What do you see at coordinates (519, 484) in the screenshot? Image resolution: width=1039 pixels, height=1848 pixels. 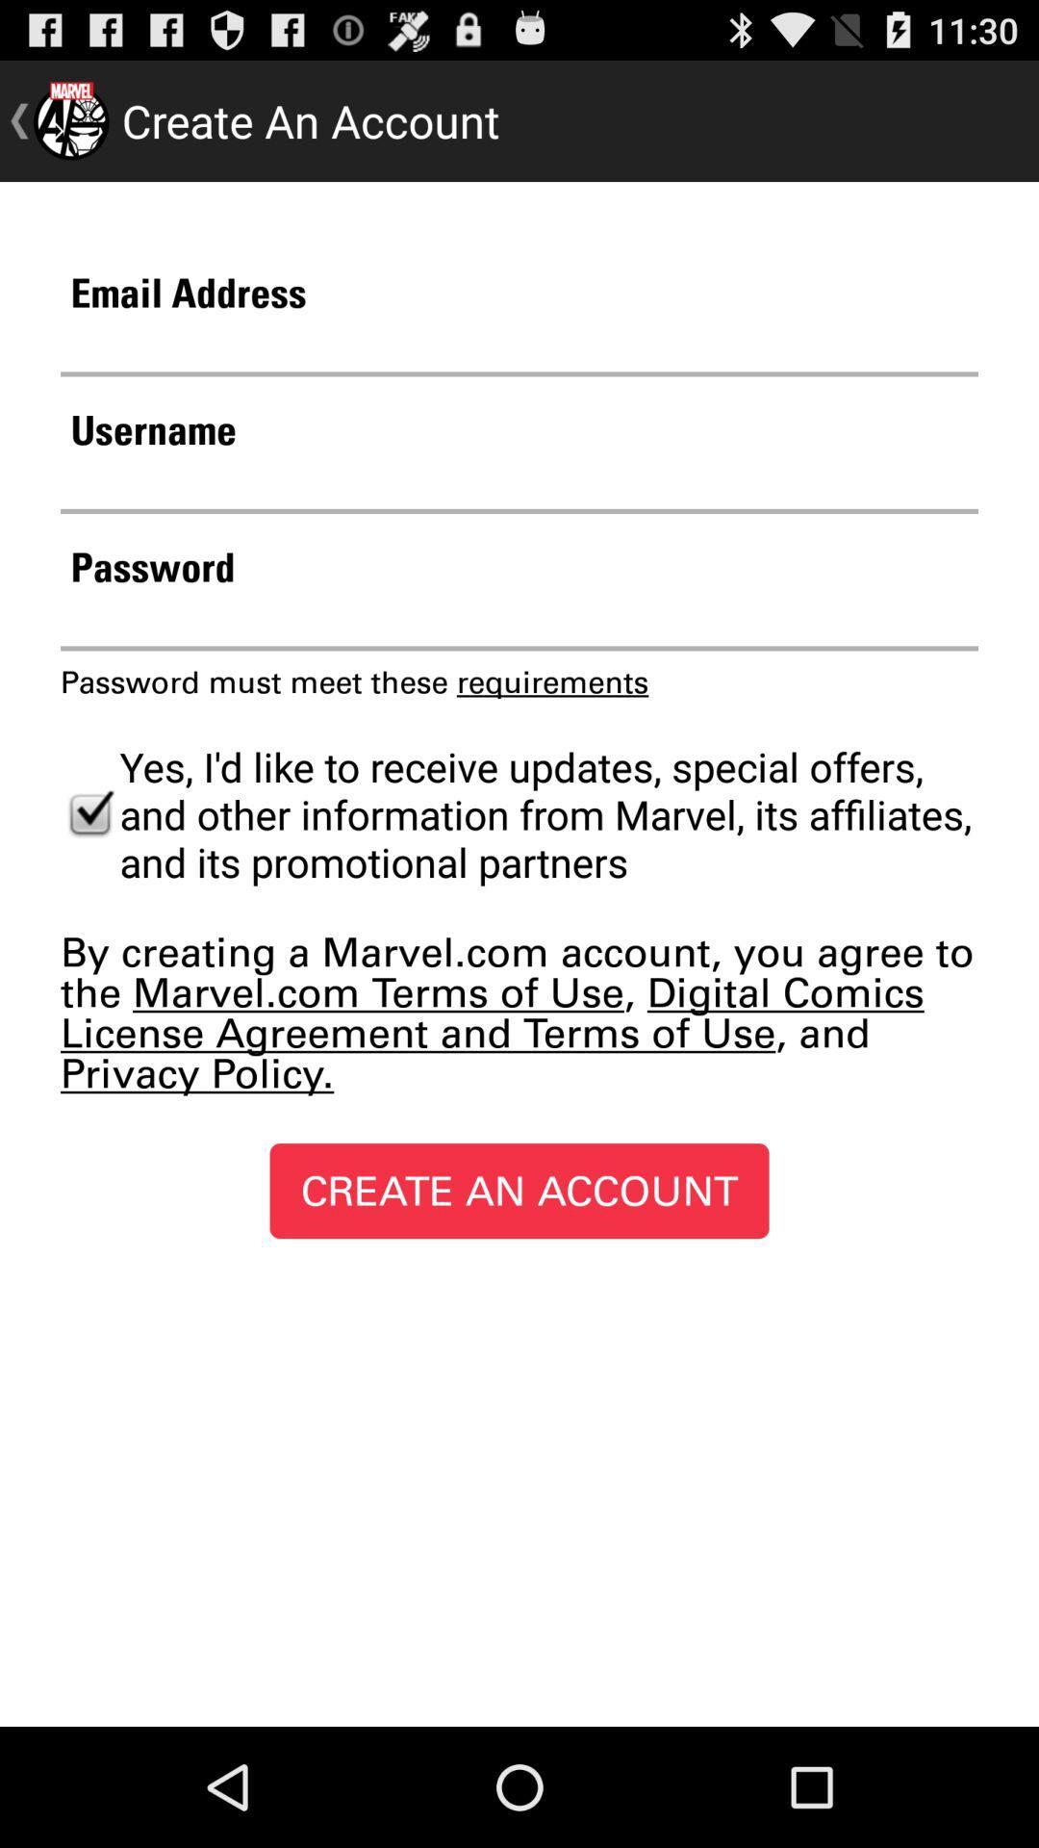 I see `text box` at bounding box center [519, 484].